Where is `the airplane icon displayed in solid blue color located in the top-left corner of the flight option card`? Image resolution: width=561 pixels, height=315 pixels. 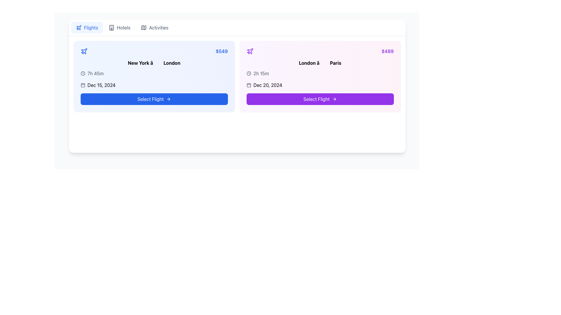 the airplane icon displayed in solid blue color located in the top-left corner of the flight option card is located at coordinates (78, 27).